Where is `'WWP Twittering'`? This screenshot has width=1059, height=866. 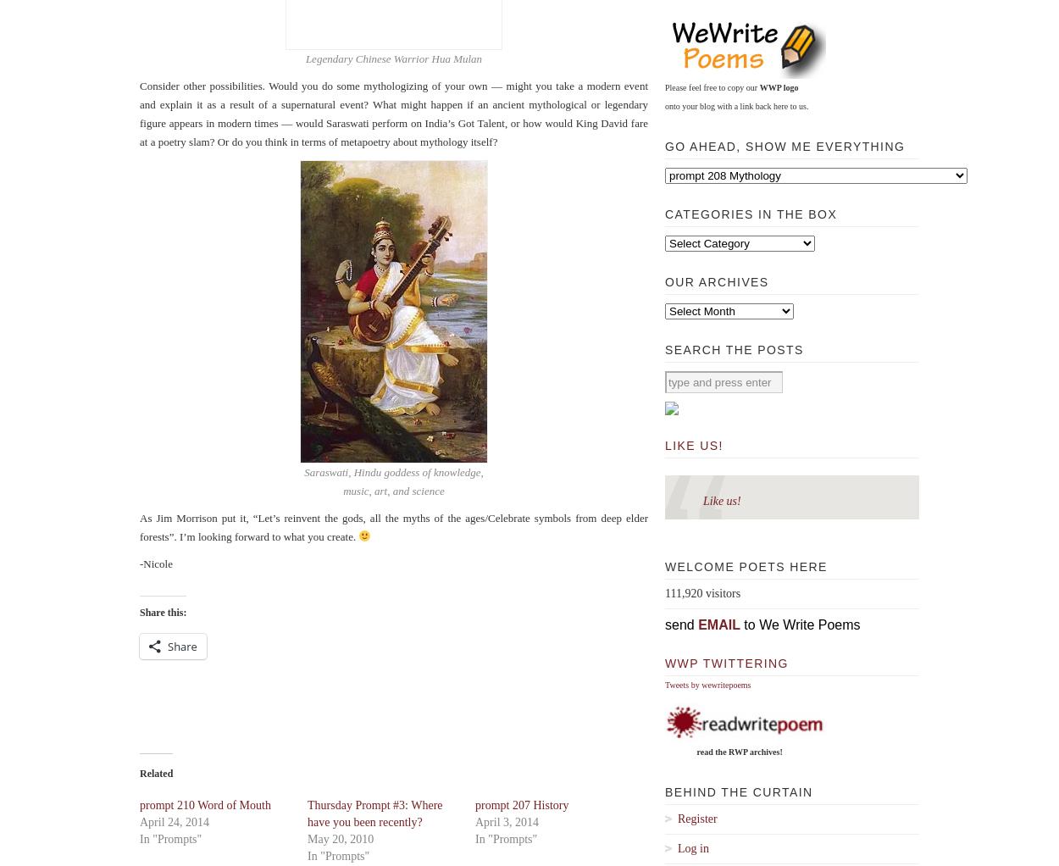 'WWP Twittering' is located at coordinates (725, 663).